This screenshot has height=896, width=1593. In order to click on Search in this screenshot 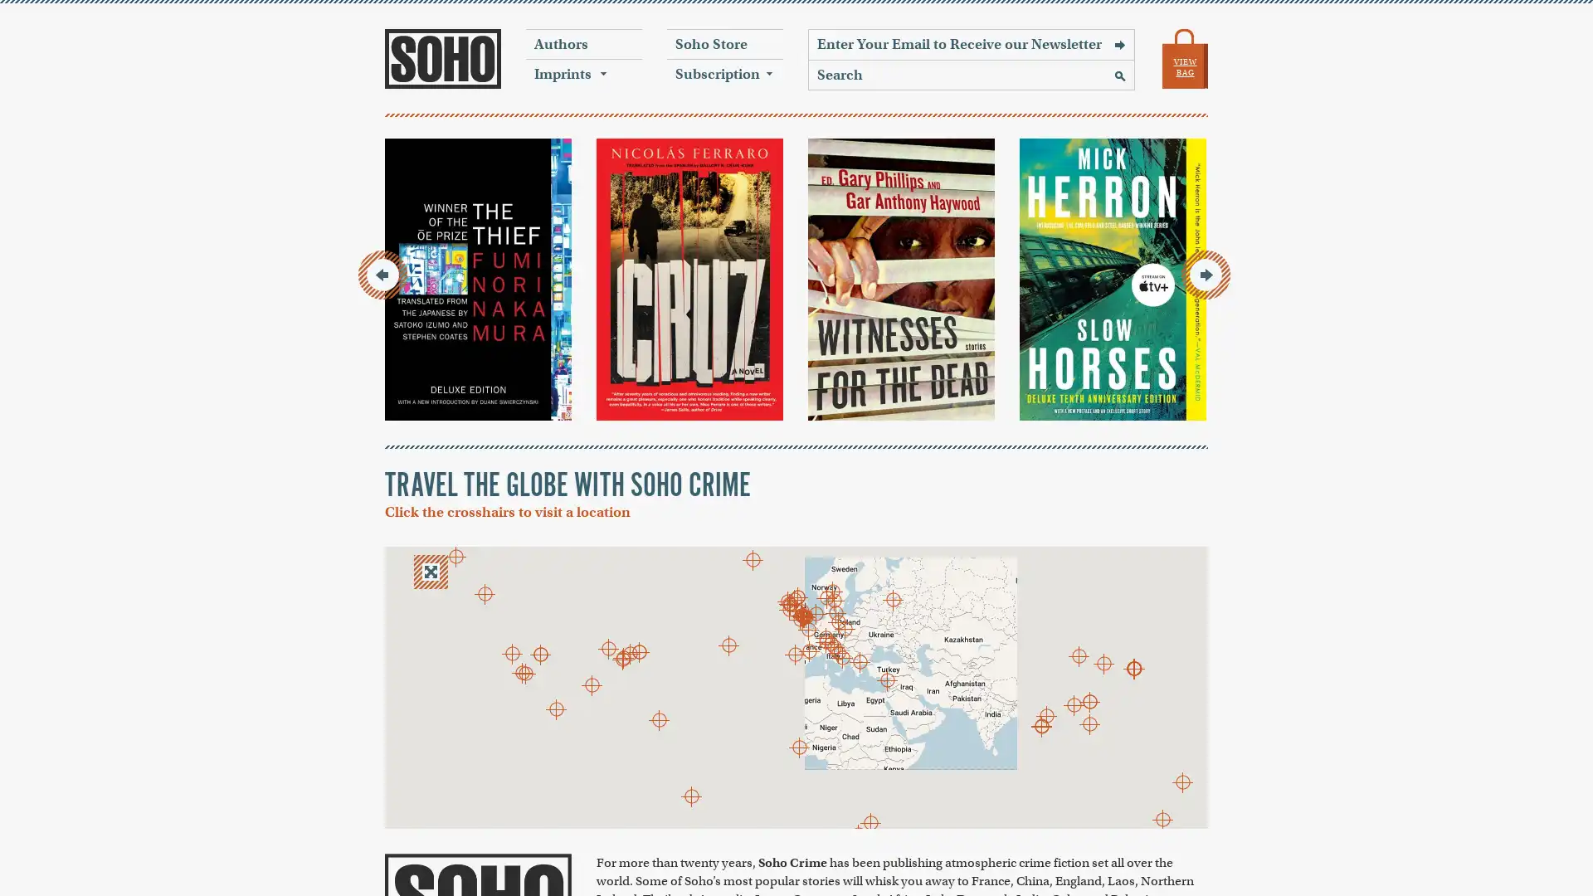, I will do `click(1119, 73)`.